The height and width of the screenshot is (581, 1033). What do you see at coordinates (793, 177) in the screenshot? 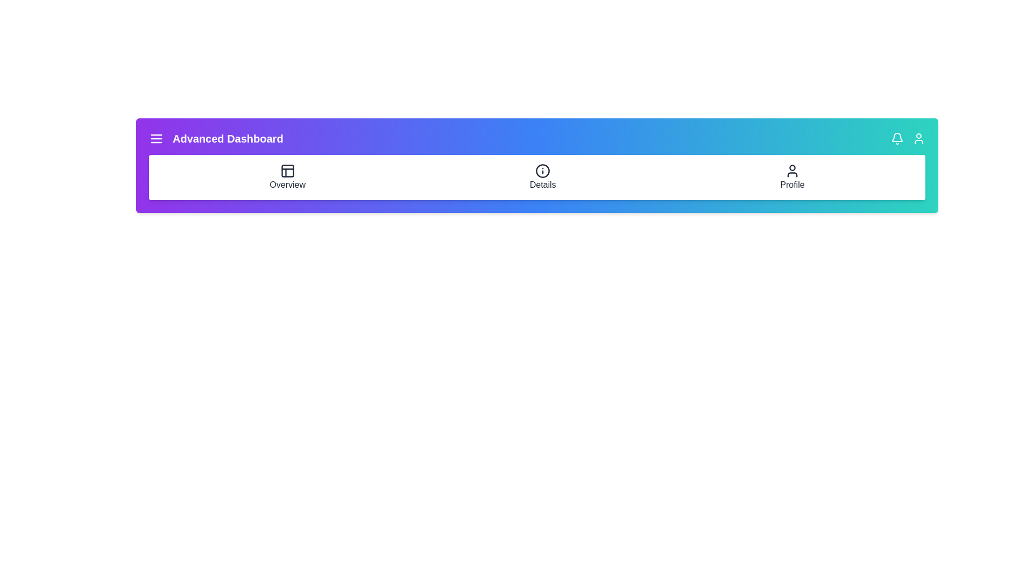
I see `the 'Profile' navigation item` at bounding box center [793, 177].